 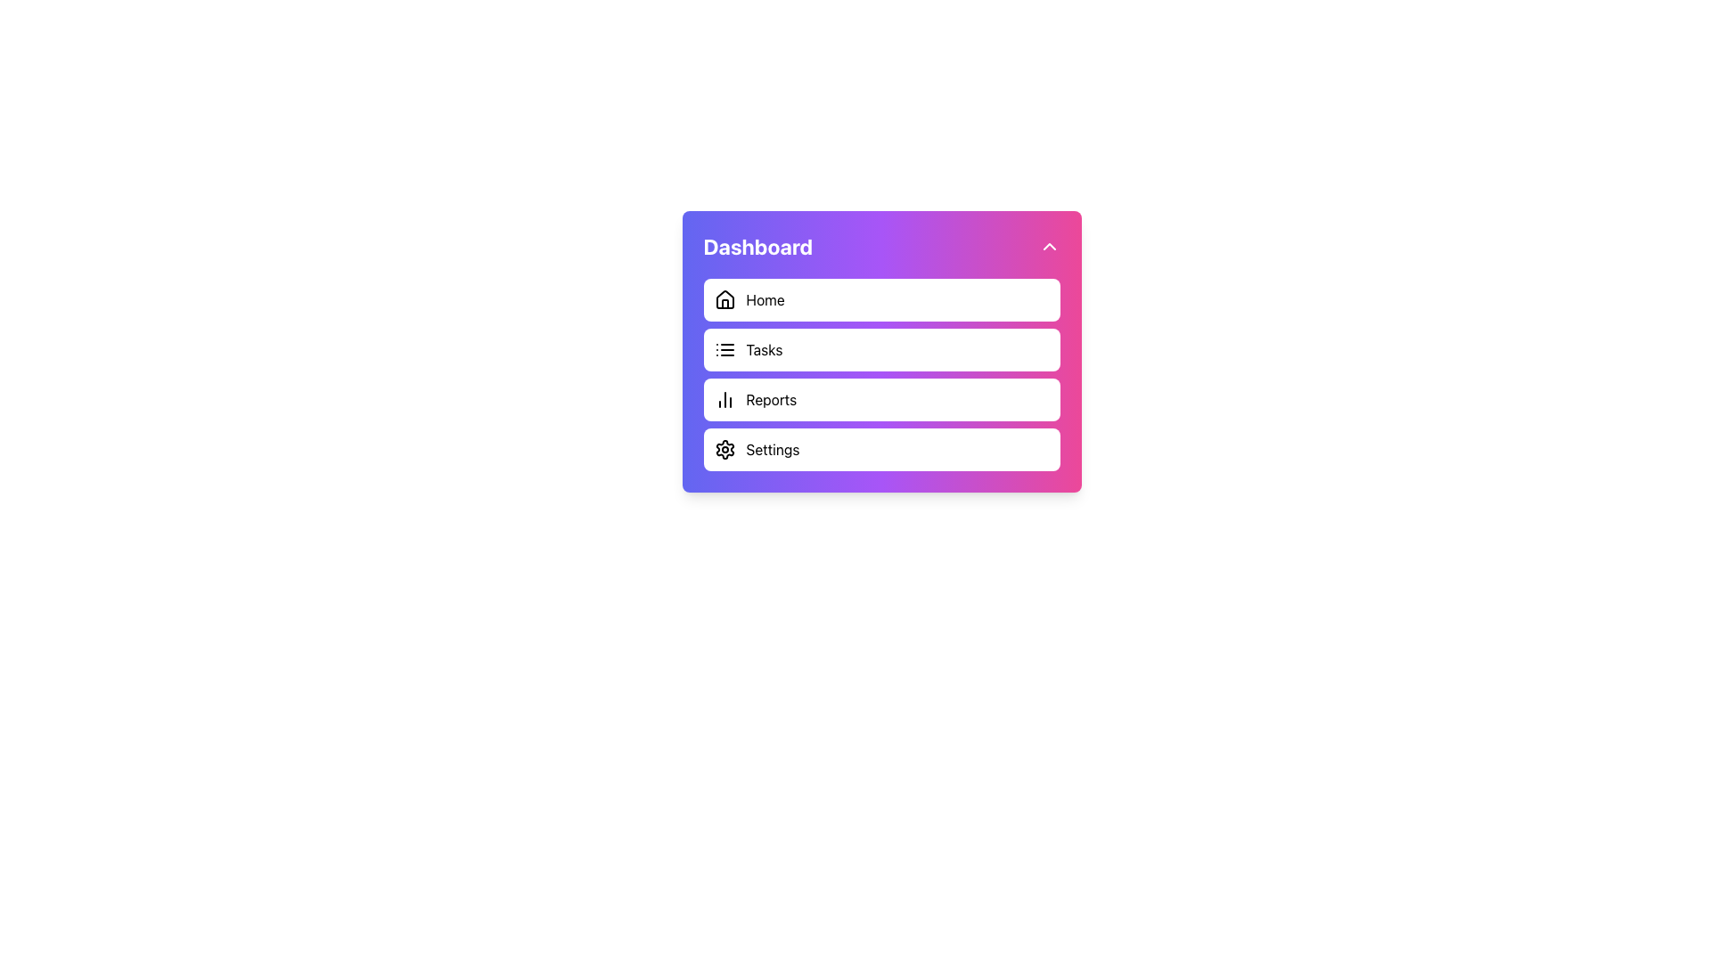 I want to click on the decorative graphic icon that represents the 'Tasks' menu item, located to the immediate left of the 'Tasks' text label in the vertical sidebar menu on the dashboard interface, so click(x=725, y=350).